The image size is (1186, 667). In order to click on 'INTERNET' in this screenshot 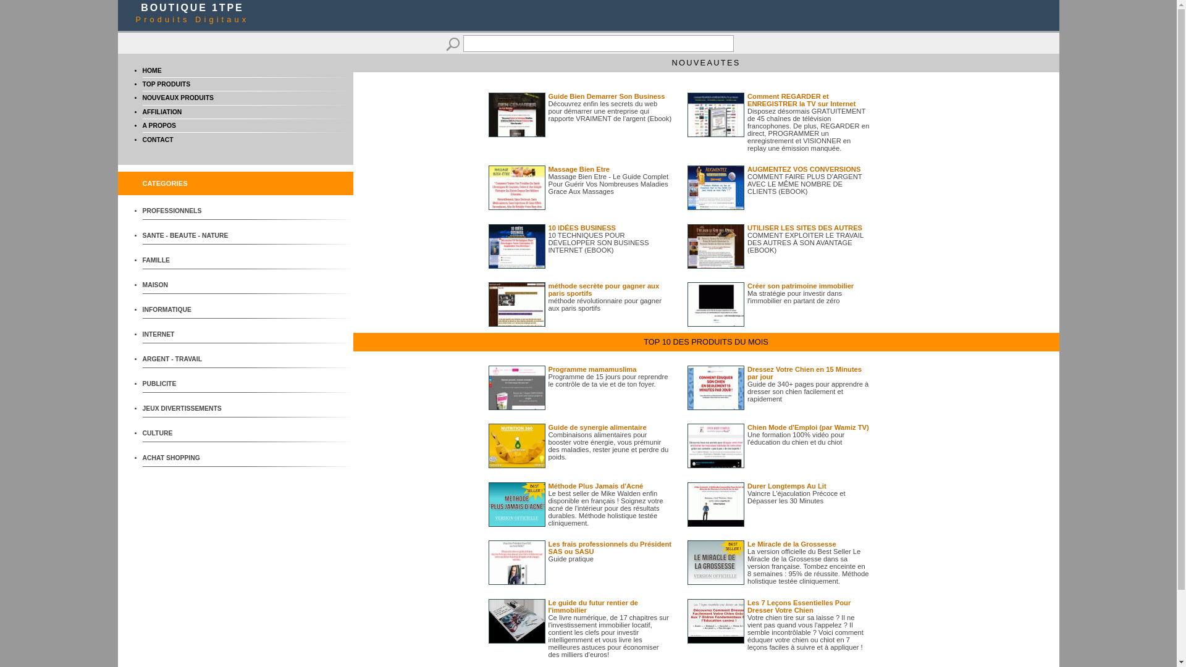, I will do `click(142, 334)`.